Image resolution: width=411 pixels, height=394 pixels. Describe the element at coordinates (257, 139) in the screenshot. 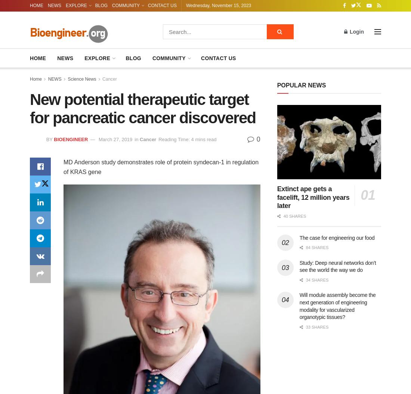

I see `'0'` at that location.